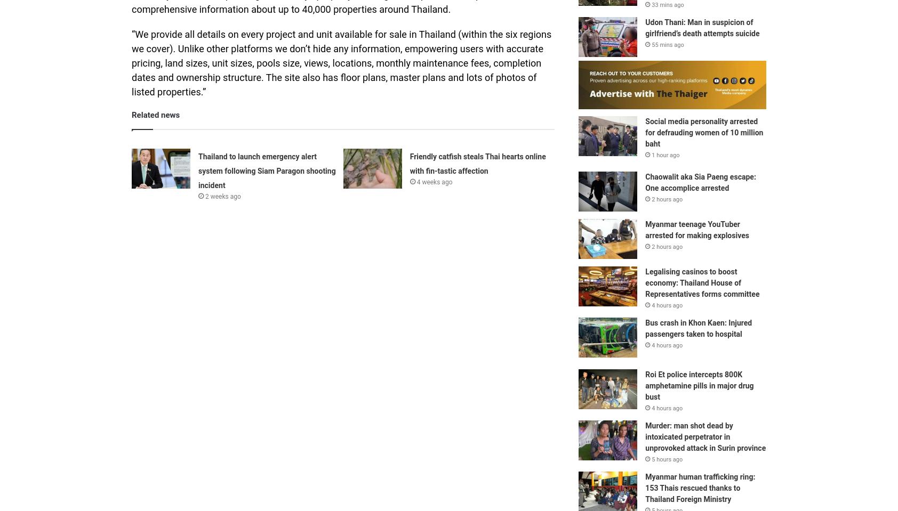 The width and height of the screenshot is (898, 511). I want to click on 'Roi Et police intercepts 800K amphetamine pills in major drug bust', so click(645, 384).